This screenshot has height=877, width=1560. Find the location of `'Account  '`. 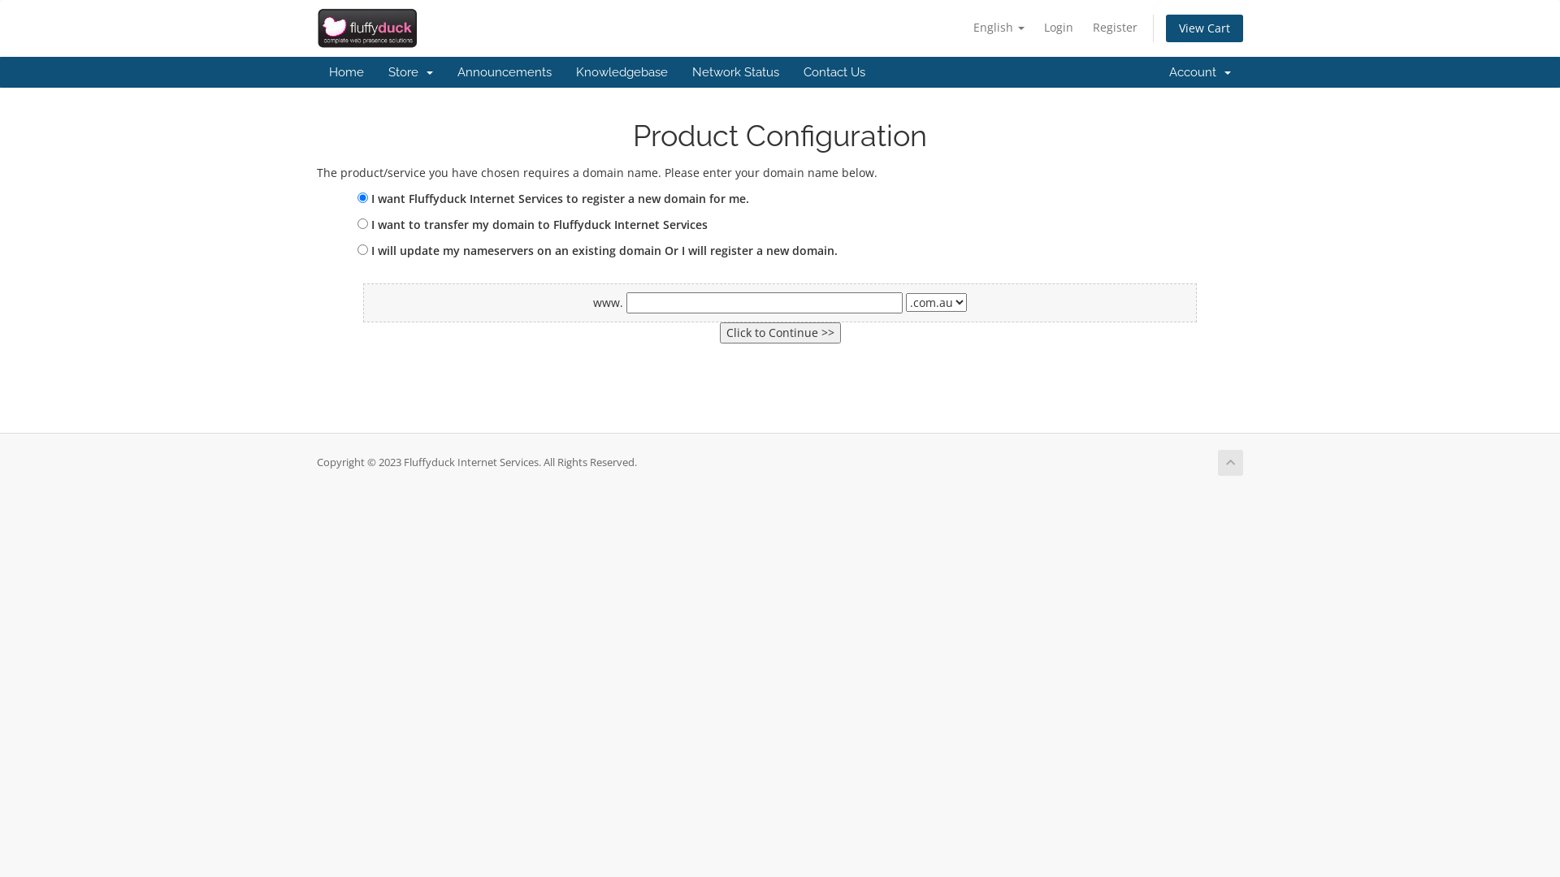

'Account  ' is located at coordinates (1200, 71).